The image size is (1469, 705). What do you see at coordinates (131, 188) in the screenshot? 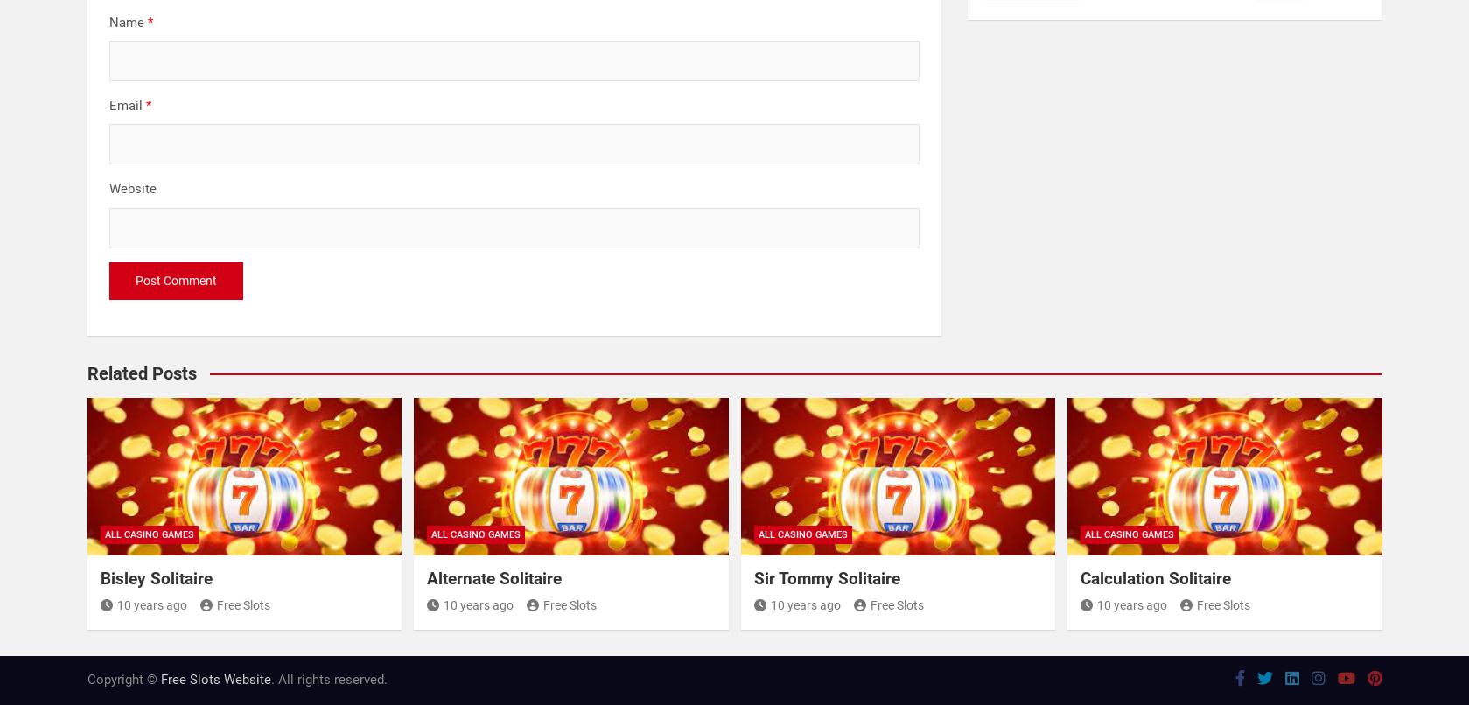
I see `'Website'` at bounding box center [131, 188].